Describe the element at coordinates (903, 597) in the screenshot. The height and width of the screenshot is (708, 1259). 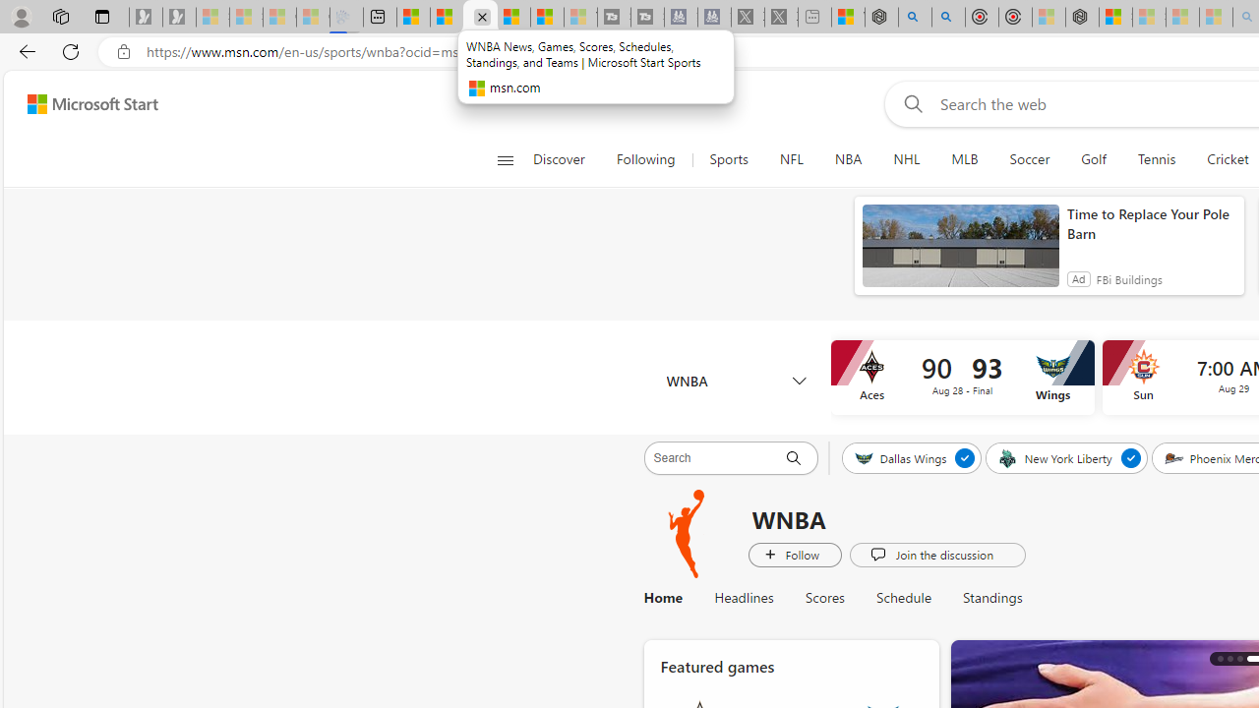
I see `'Schedule'` at that location.